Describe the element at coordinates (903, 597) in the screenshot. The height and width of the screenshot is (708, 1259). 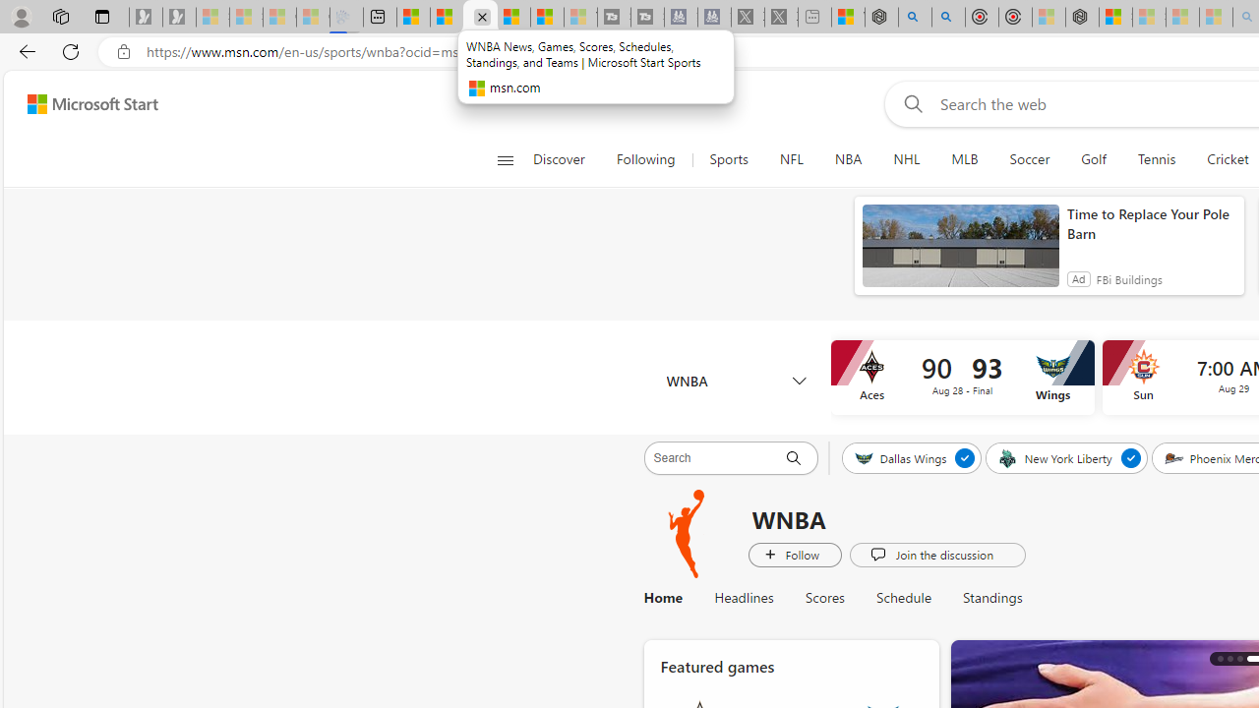
I see `'Schedule'` at that location.